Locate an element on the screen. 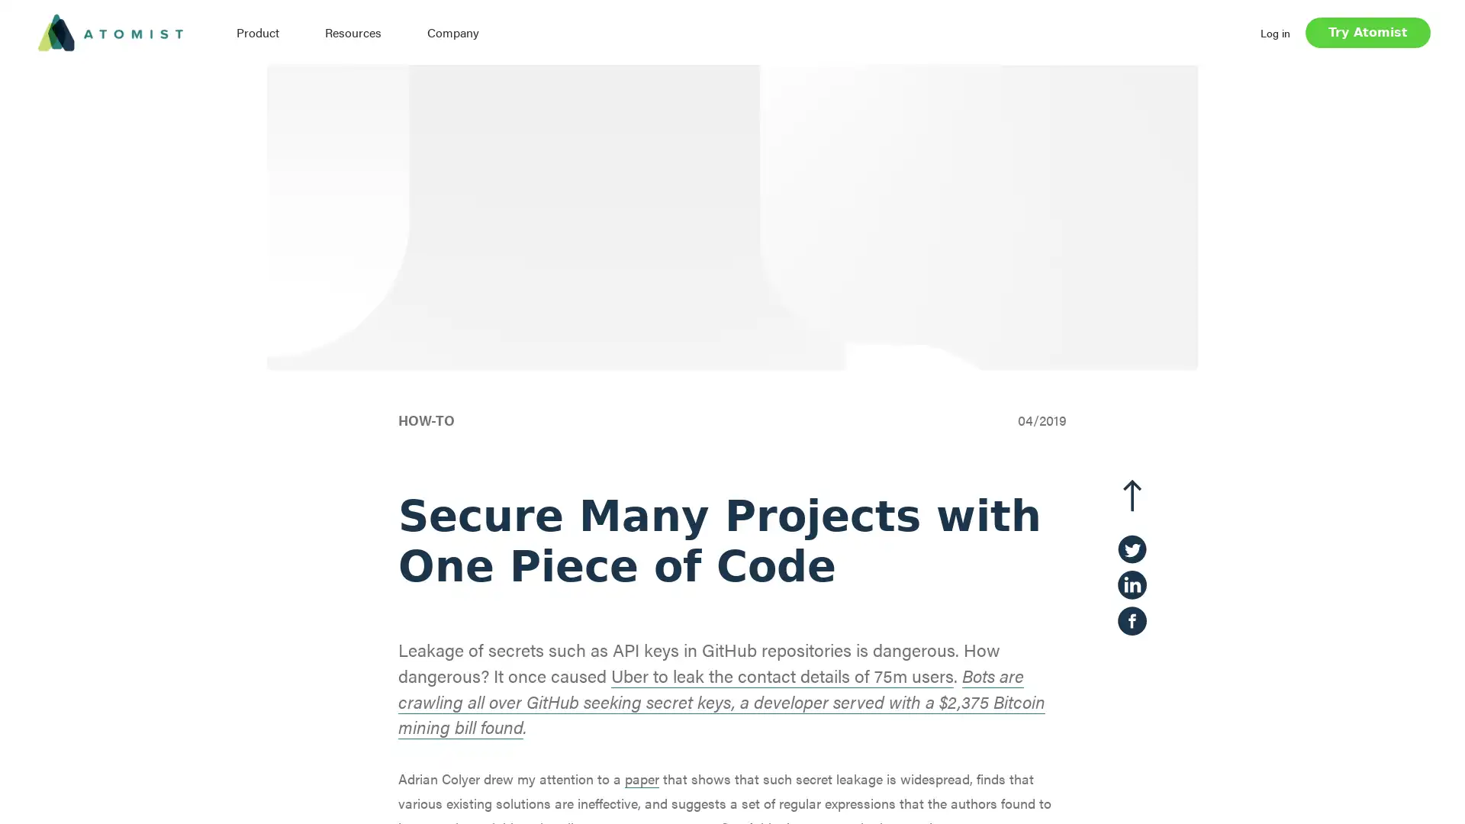 The height and width of the screenshot is (824, 1465). Open Intercom Messenger is located at coordinates (1426, 785).